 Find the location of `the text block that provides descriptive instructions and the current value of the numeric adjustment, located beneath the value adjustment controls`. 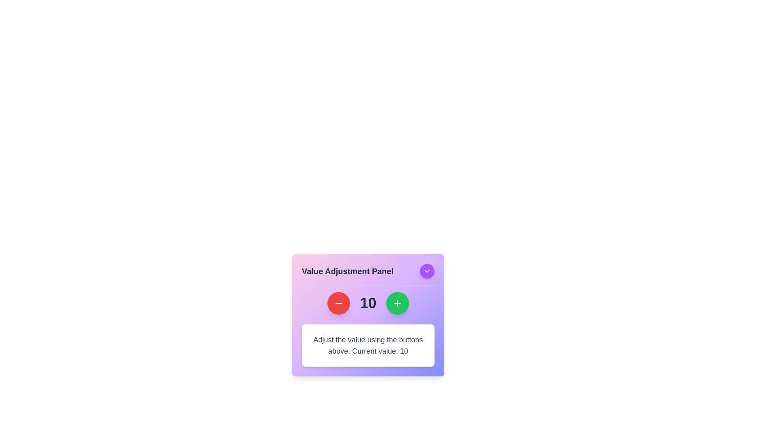

the text block that provides descriptive instructions and the current value of the numeric adjustment, located beneath the value adjustment controls is located at coordinates (368, 346).